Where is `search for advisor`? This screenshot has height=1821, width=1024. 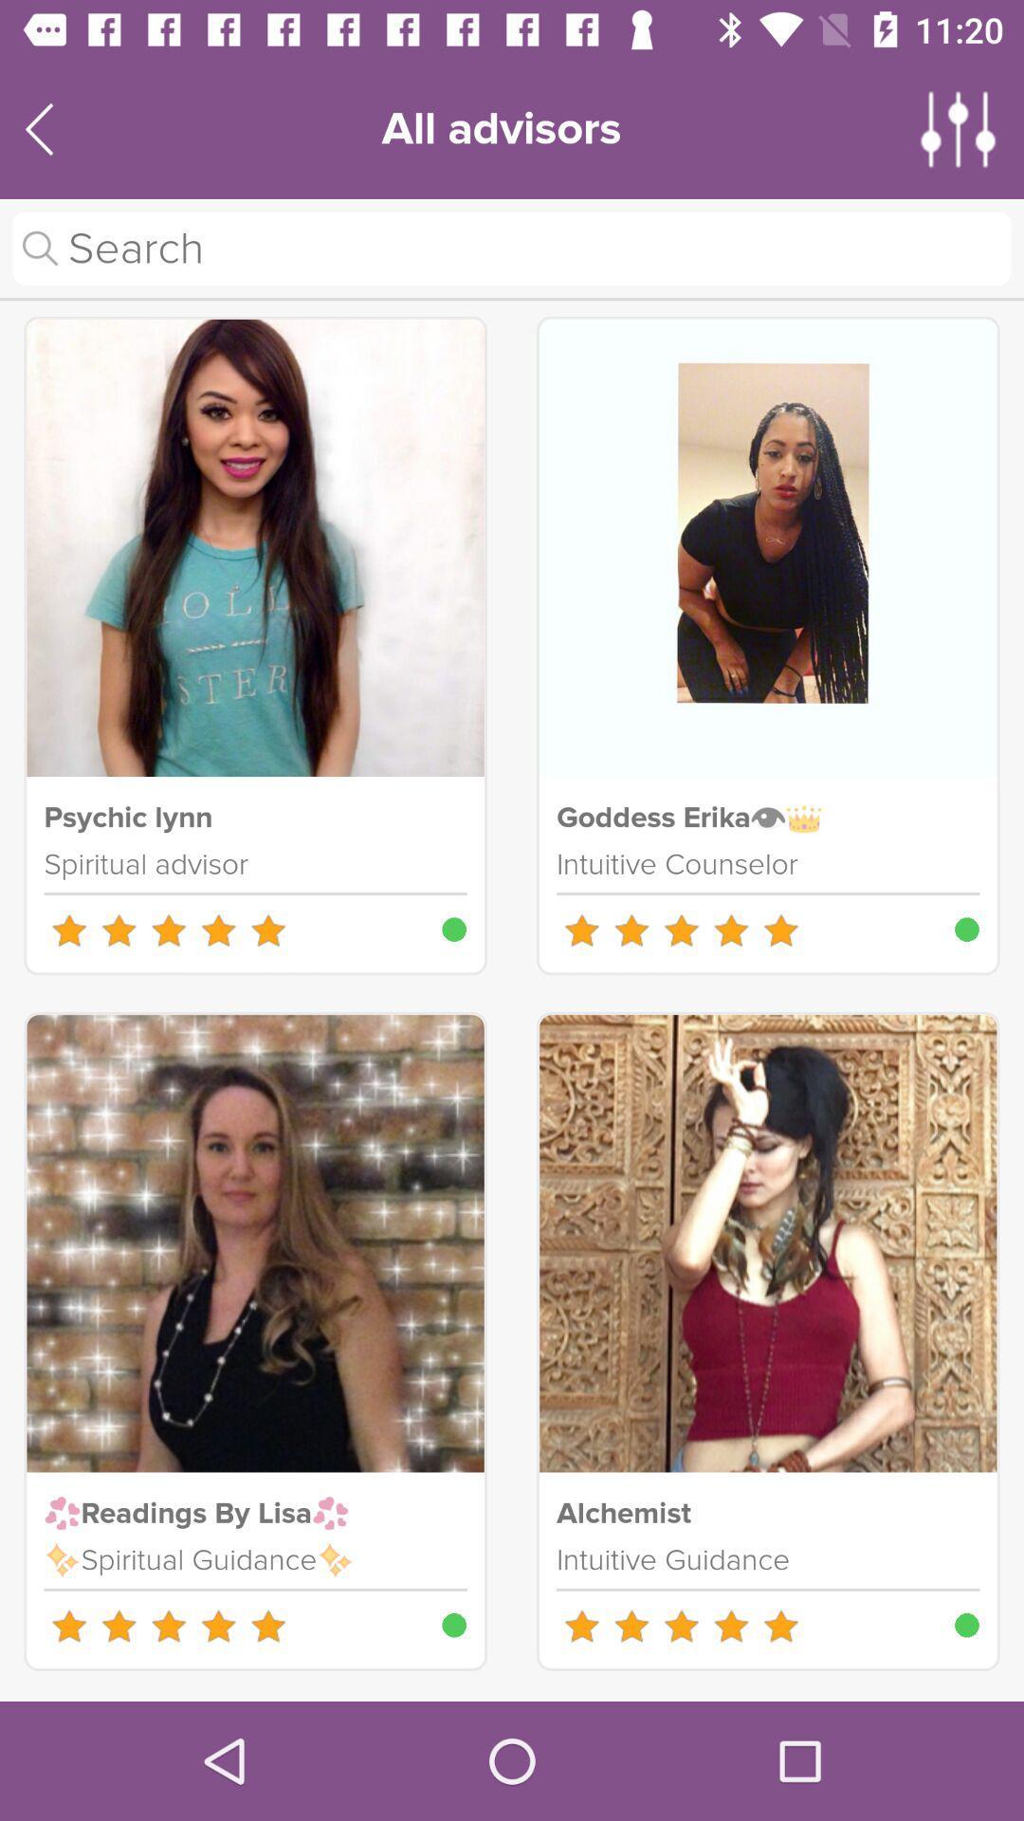 search for advisor is located at coordinates (512, 248).